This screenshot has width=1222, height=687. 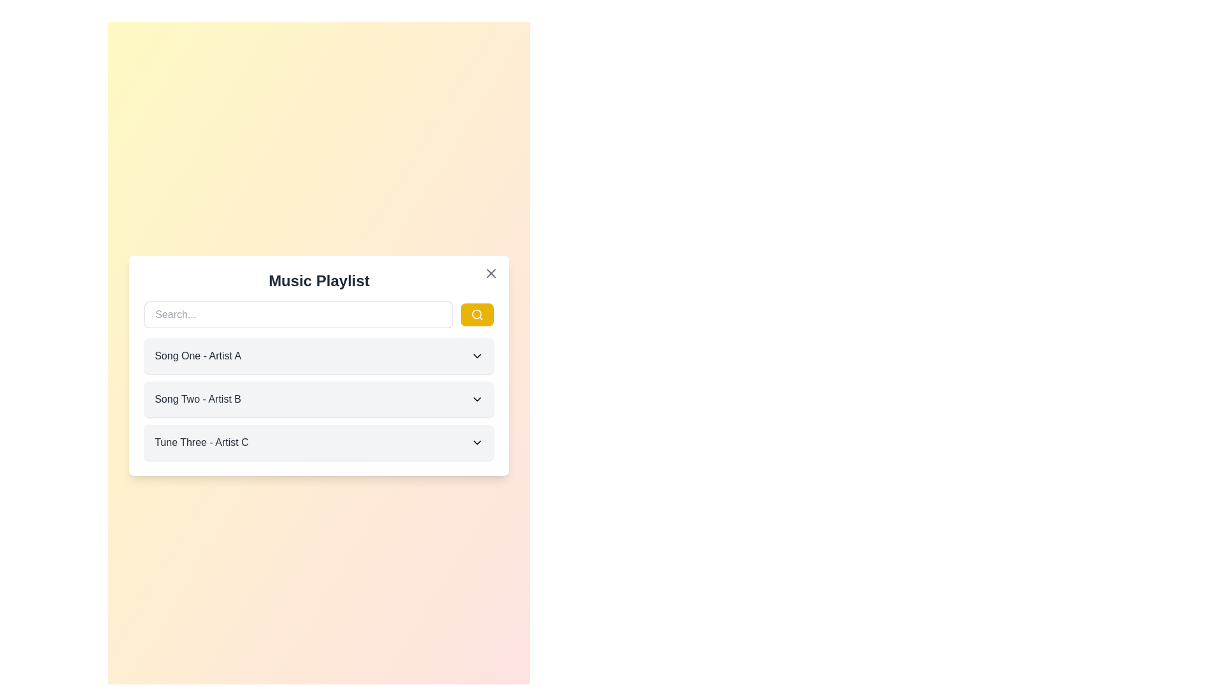 I want to click on the third collapsible list item in the playlist, so click(x=319, y=441).